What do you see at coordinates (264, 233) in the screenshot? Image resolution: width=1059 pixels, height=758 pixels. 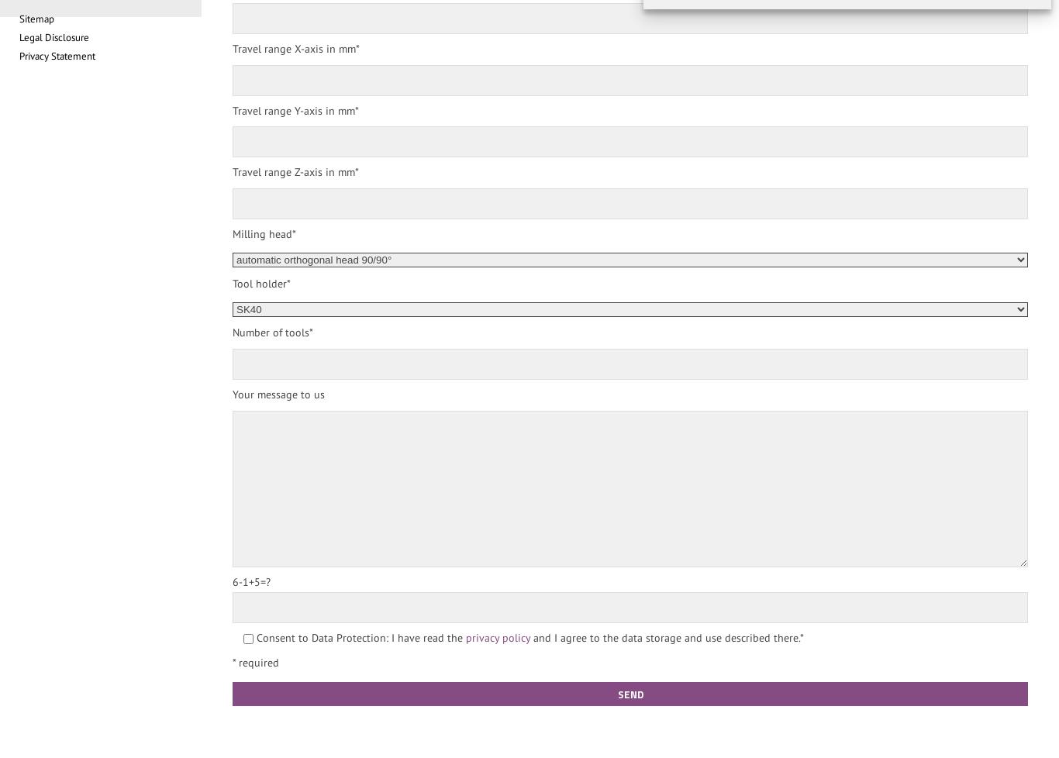 I see `'Milling head*'` at bounding box center [264, 233].